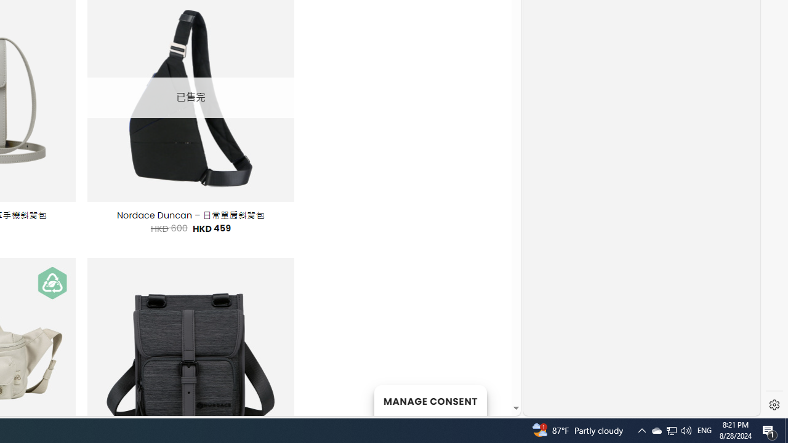  What do you see at coordinates (430, 400) in the screenshot?
I see `'MANAGE CONSENT'` at bounding box center [430, 400].